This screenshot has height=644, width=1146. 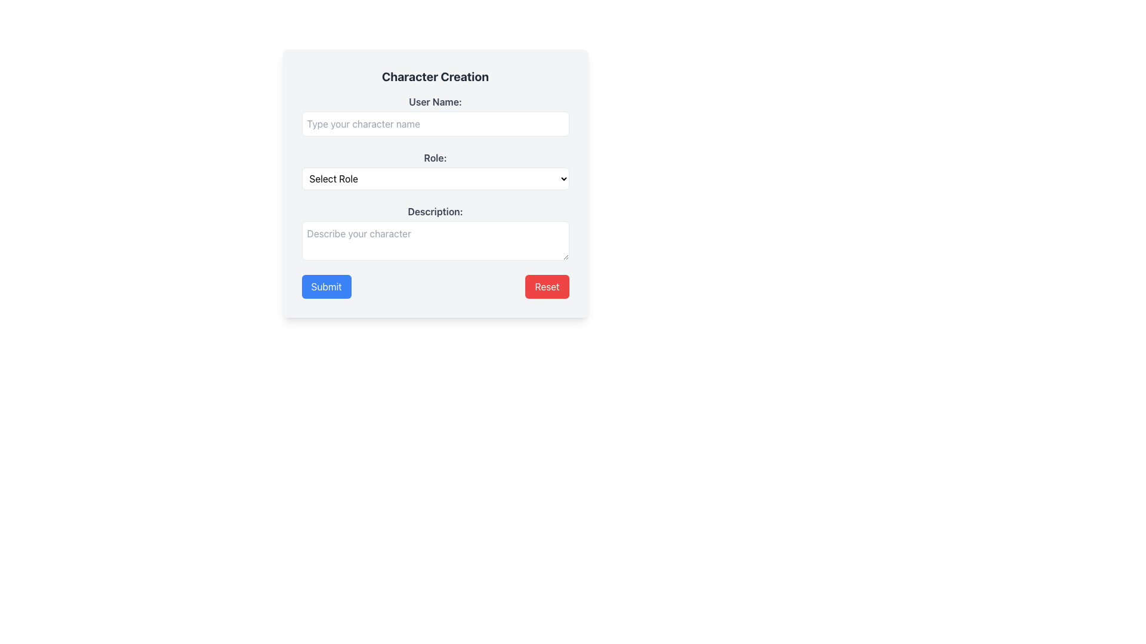 What do you see at coordinates (435, 170) in the screenshot?
I see `an option from the dropdown menu located directly below the 'Role:' label in the center region of the form interface` at bounding box center [435, 170].